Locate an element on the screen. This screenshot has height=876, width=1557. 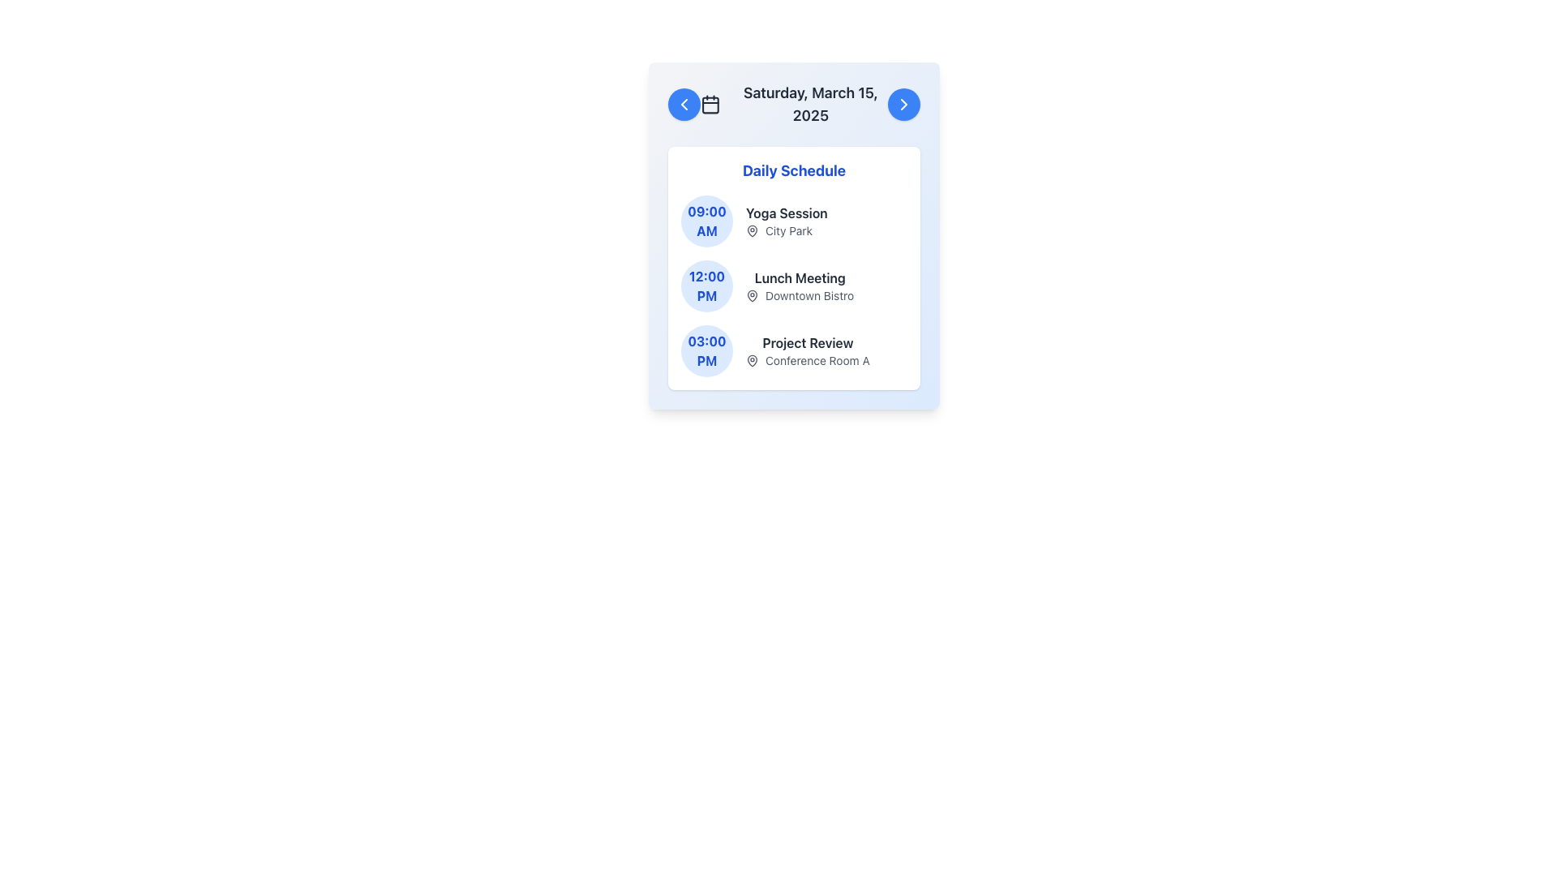
the Text (Header) element that serves as the title for the schedule content, located near the top of the white area, right below the date heading is located at coordinates (794, 171).